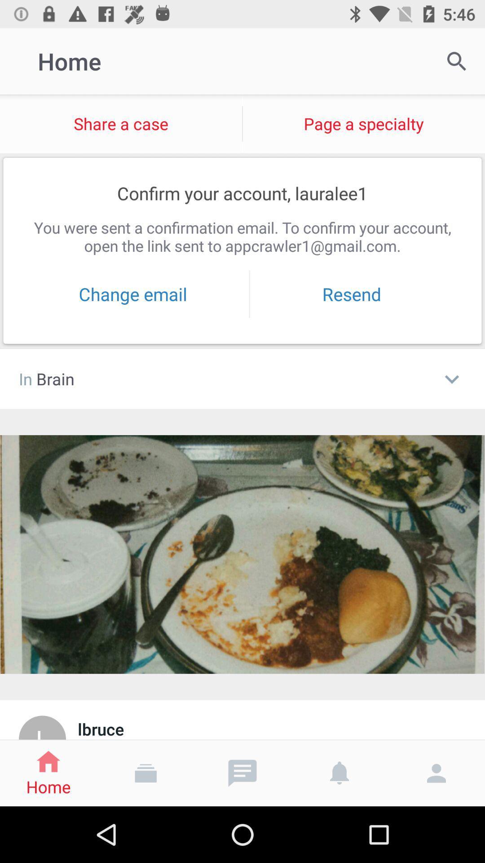 Image resolution: width=485 pixels, height=863 pixels. I want to click on item next to the lbruce item, so click(42, 727).